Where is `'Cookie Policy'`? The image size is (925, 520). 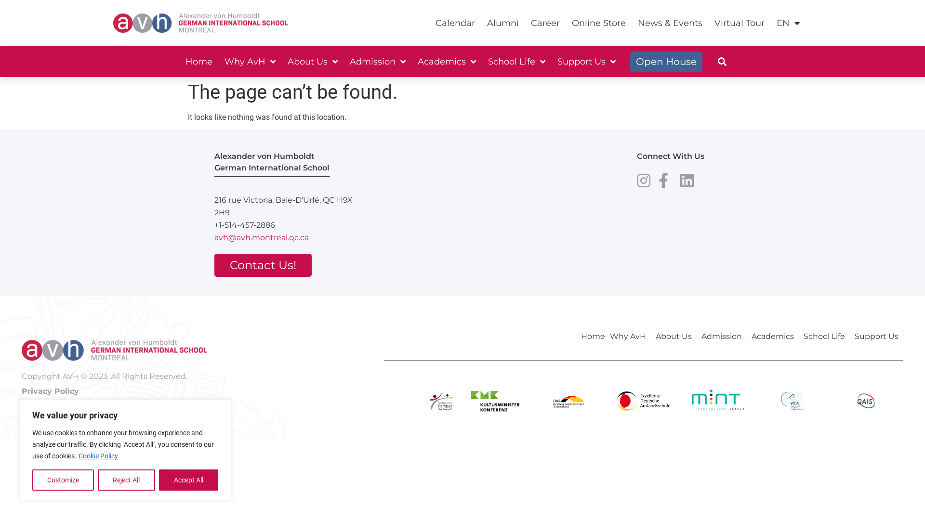
'Cookie Policy' is located at coordinates (98, 455).